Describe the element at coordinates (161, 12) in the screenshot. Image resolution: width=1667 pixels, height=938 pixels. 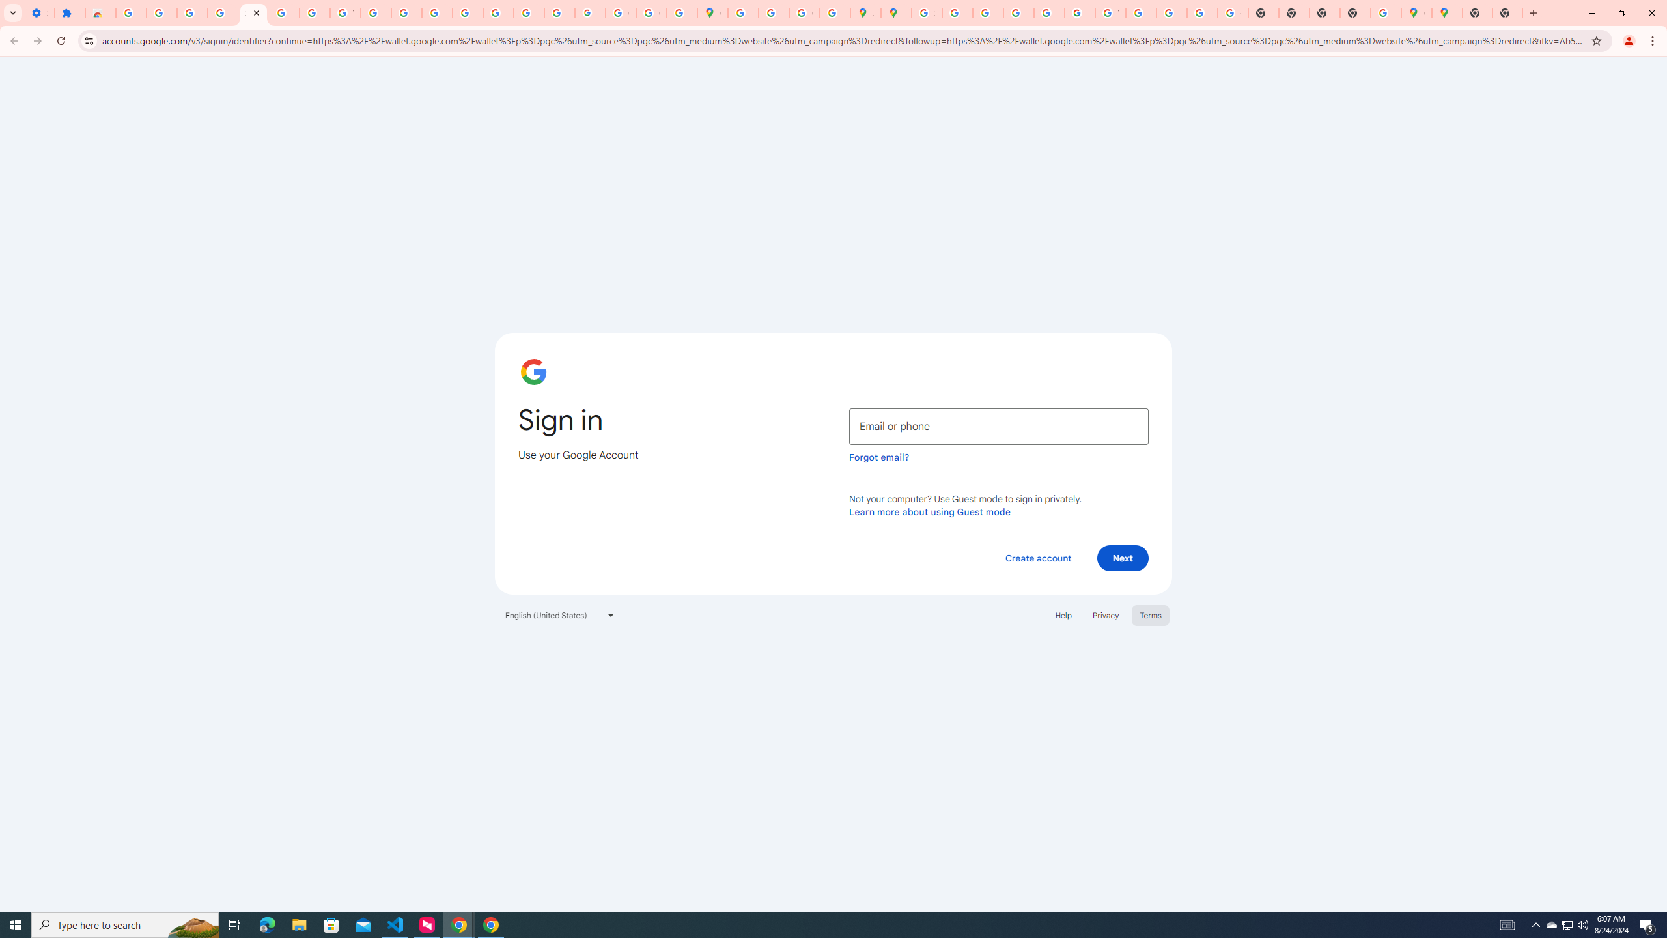
I see `'Delete photos & videos - Computer - Google Photos Help'` at that location.